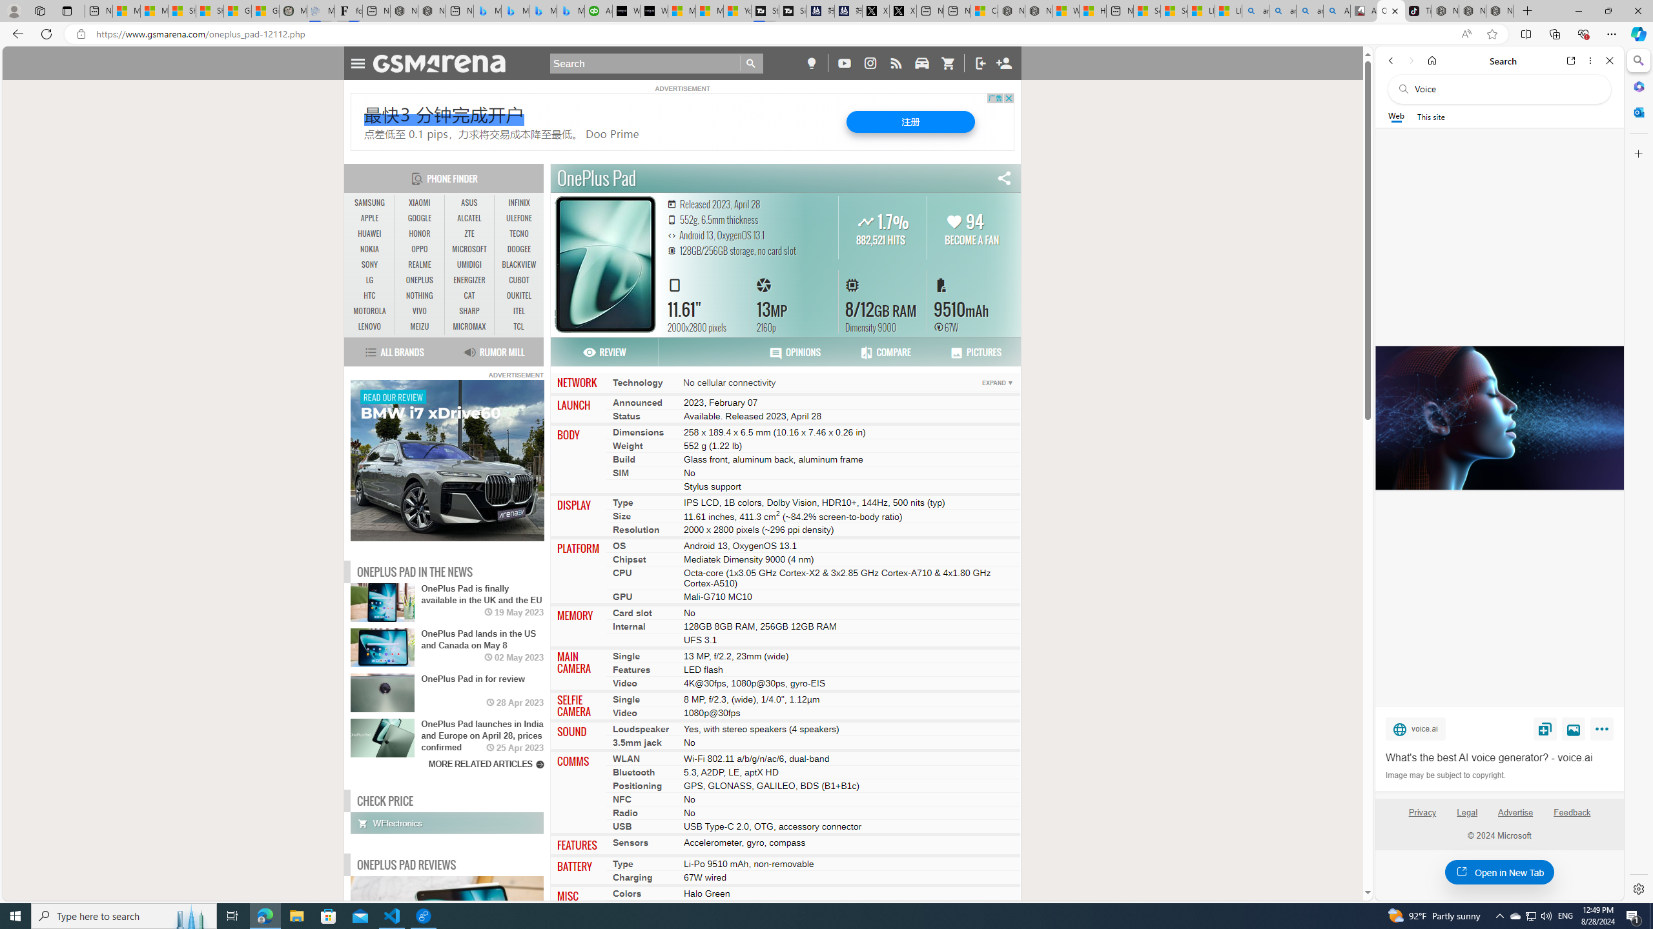 This screenshot has height=929, width=1653. What do you see at coordinates (1038, 10) in the screenshot?
I see `'Nordace - Summer Adventures 2024'` at bounding box center [1038, 10].